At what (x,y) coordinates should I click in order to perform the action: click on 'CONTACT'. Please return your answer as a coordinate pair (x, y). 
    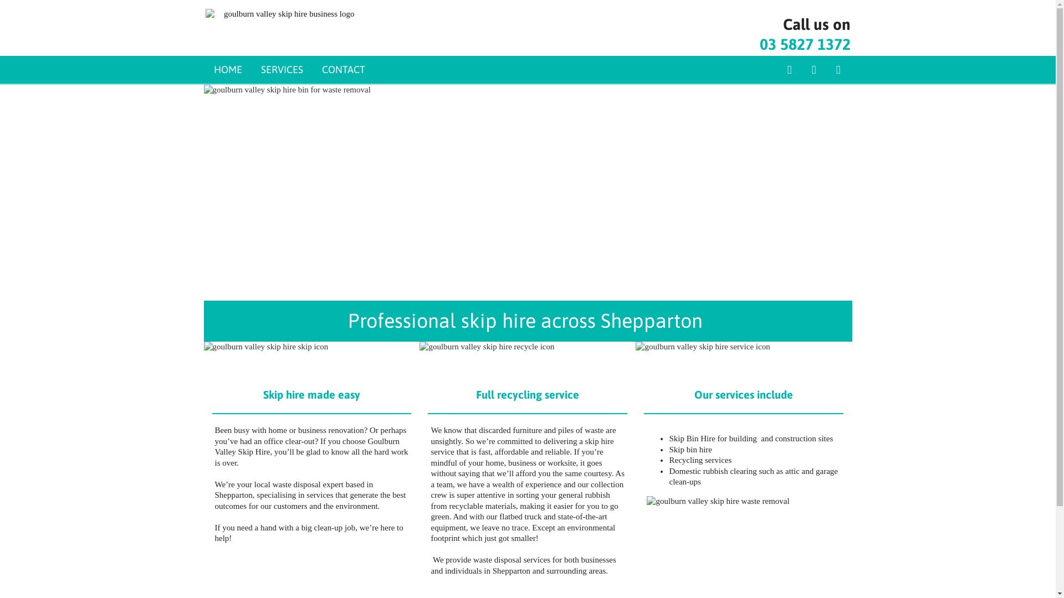
    Looking at the image, I should click on (342, 70).